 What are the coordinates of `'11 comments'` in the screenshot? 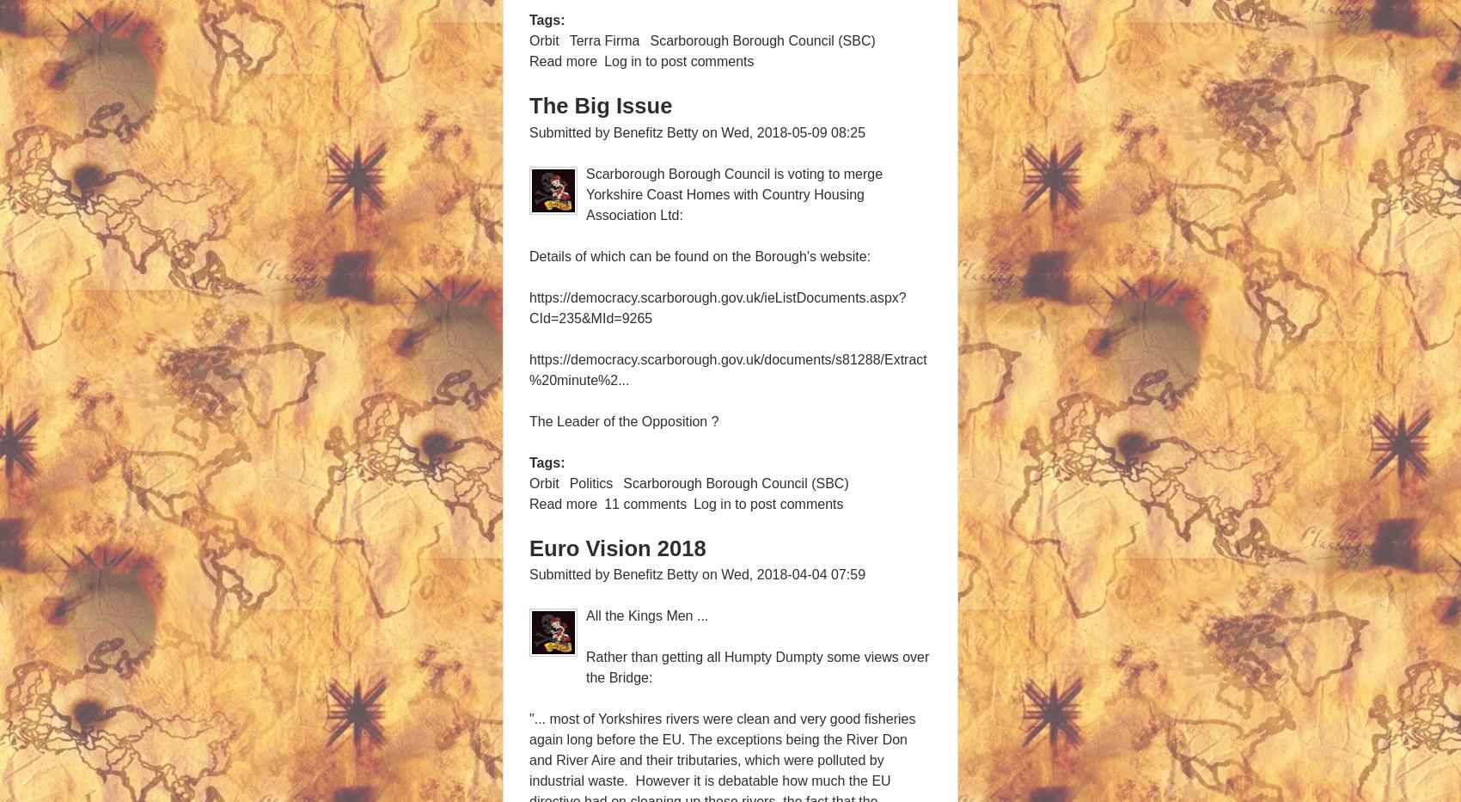 It's located at (645, 503).